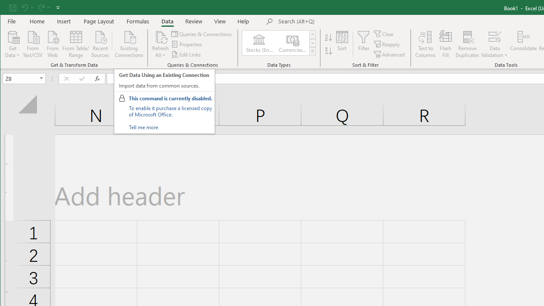  I want to click on 'This command is currently disabled.', so click(170, 98).